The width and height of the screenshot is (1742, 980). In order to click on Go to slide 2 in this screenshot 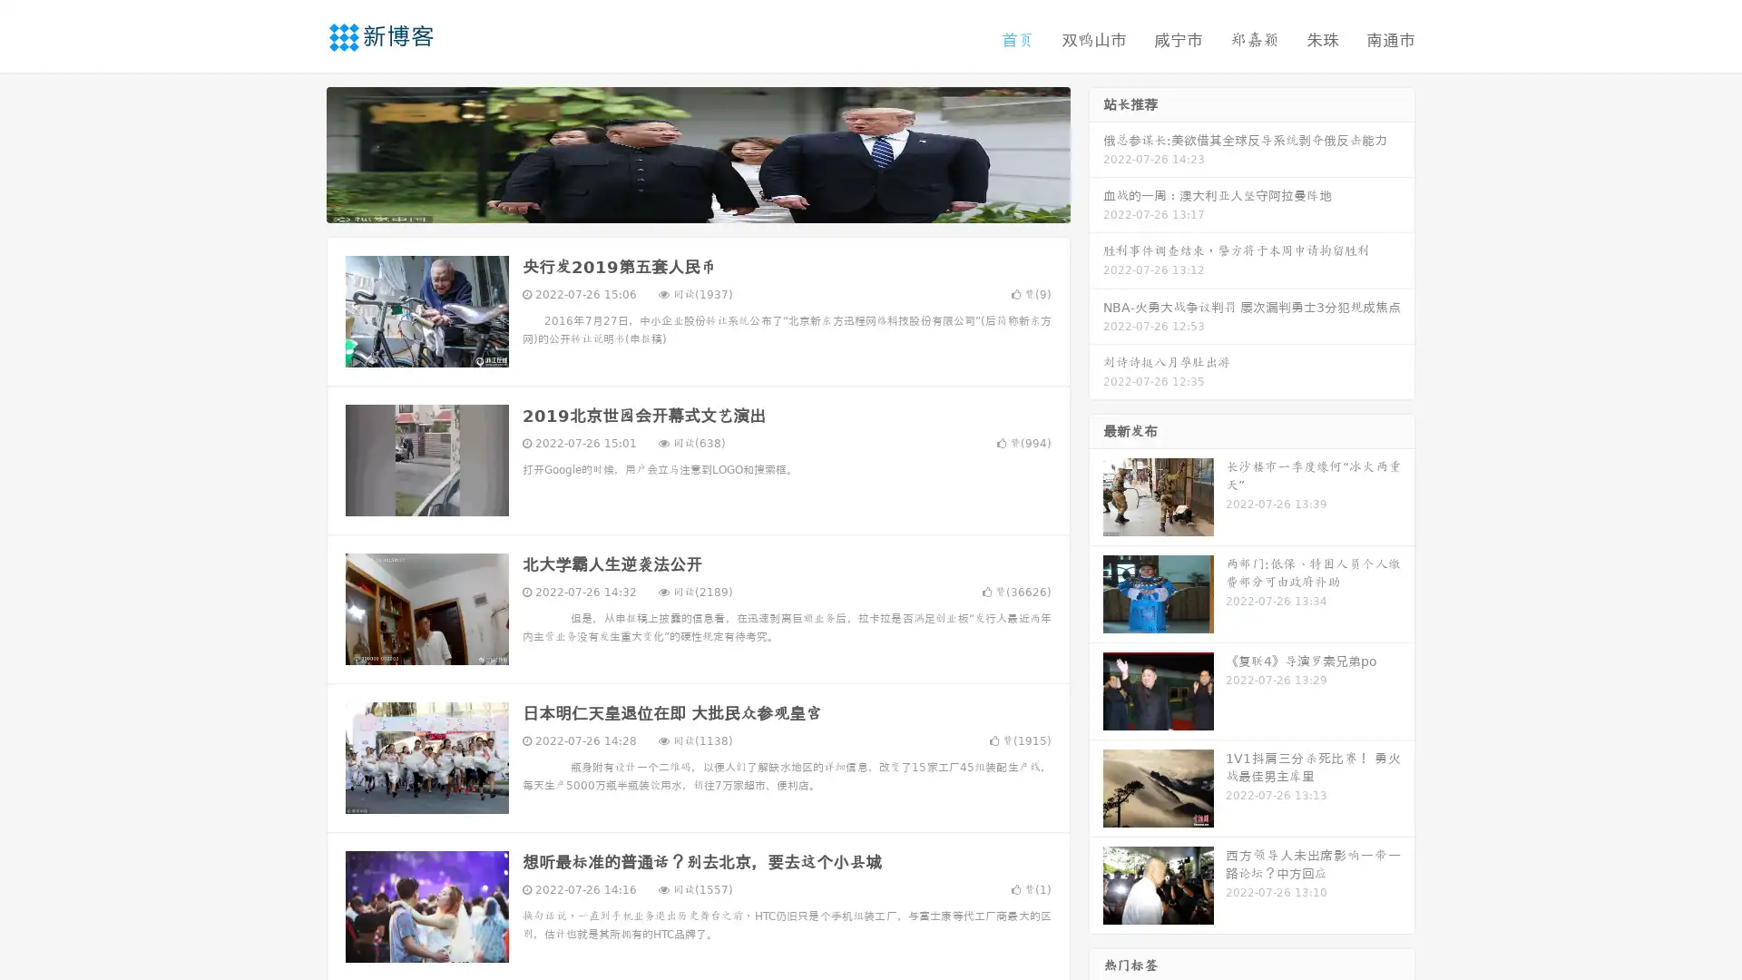, I will do `click(697, 204)`.